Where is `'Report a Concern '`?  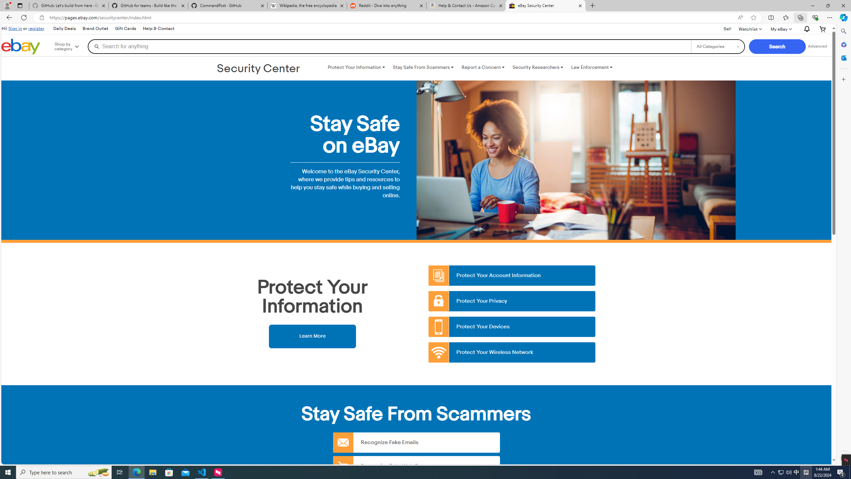
'Report a Concern ' is located at coordinates (482, 67).